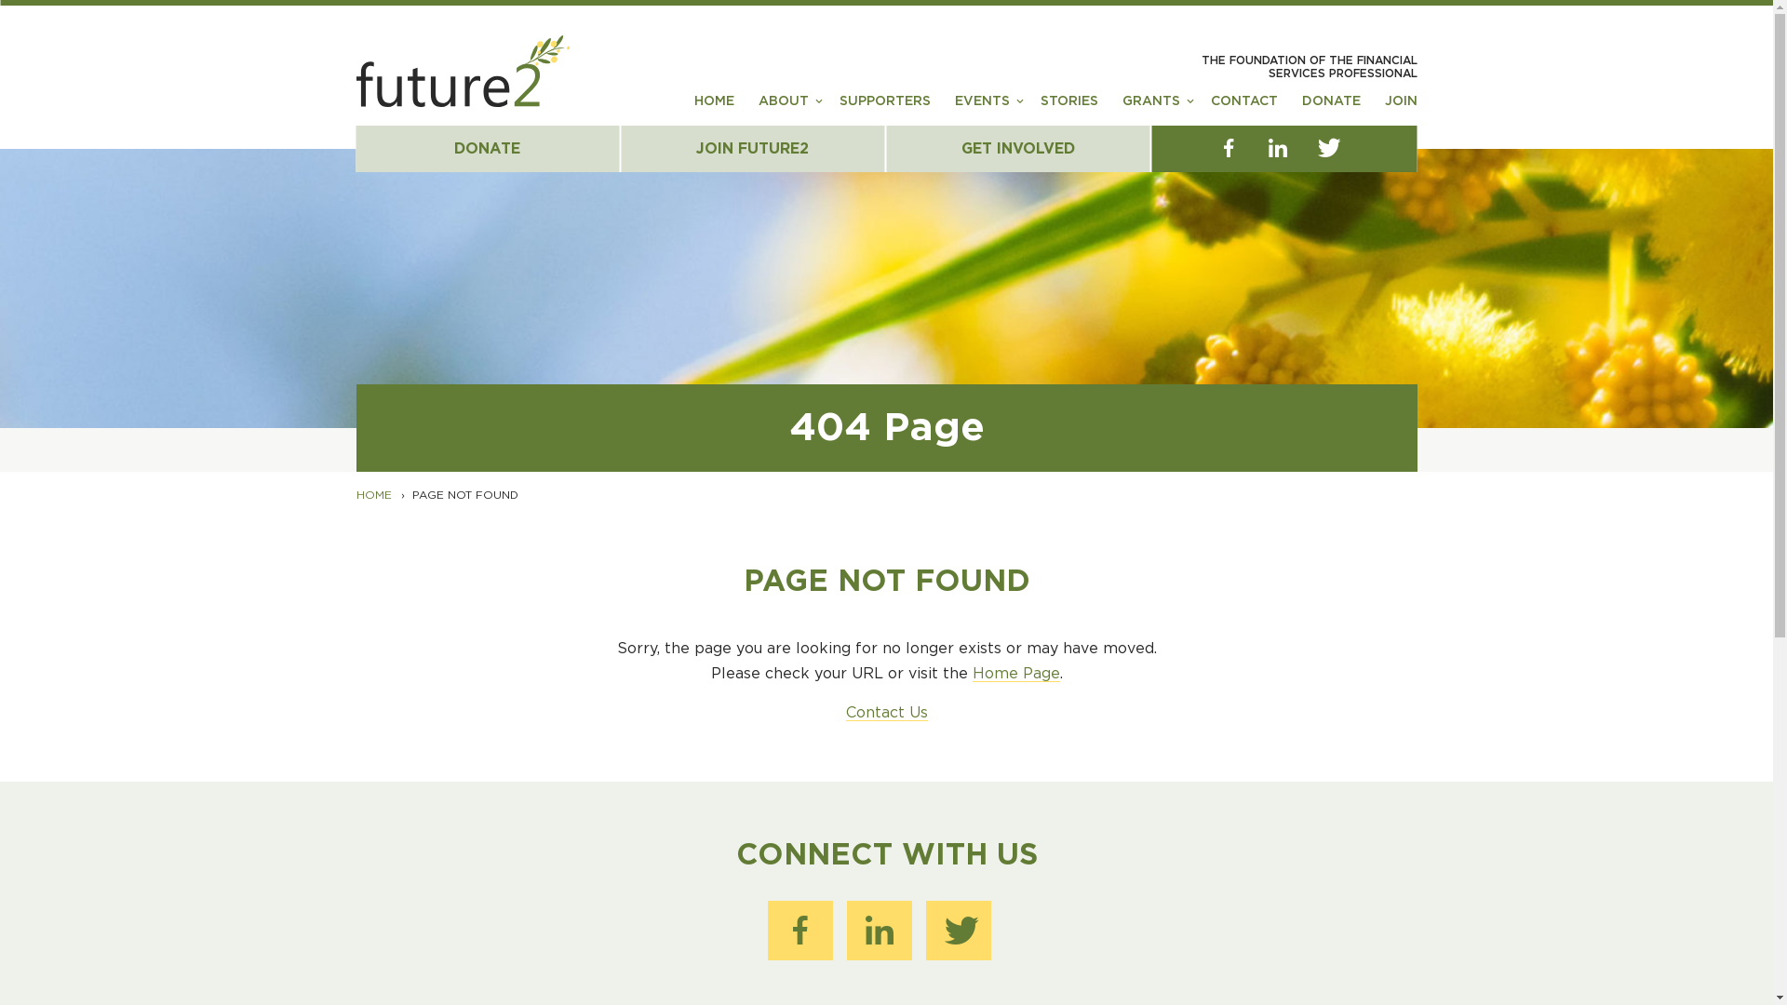  Describe the element at coordinates (487, 147) in the screenshot. I see `'DONATE'` at that location.